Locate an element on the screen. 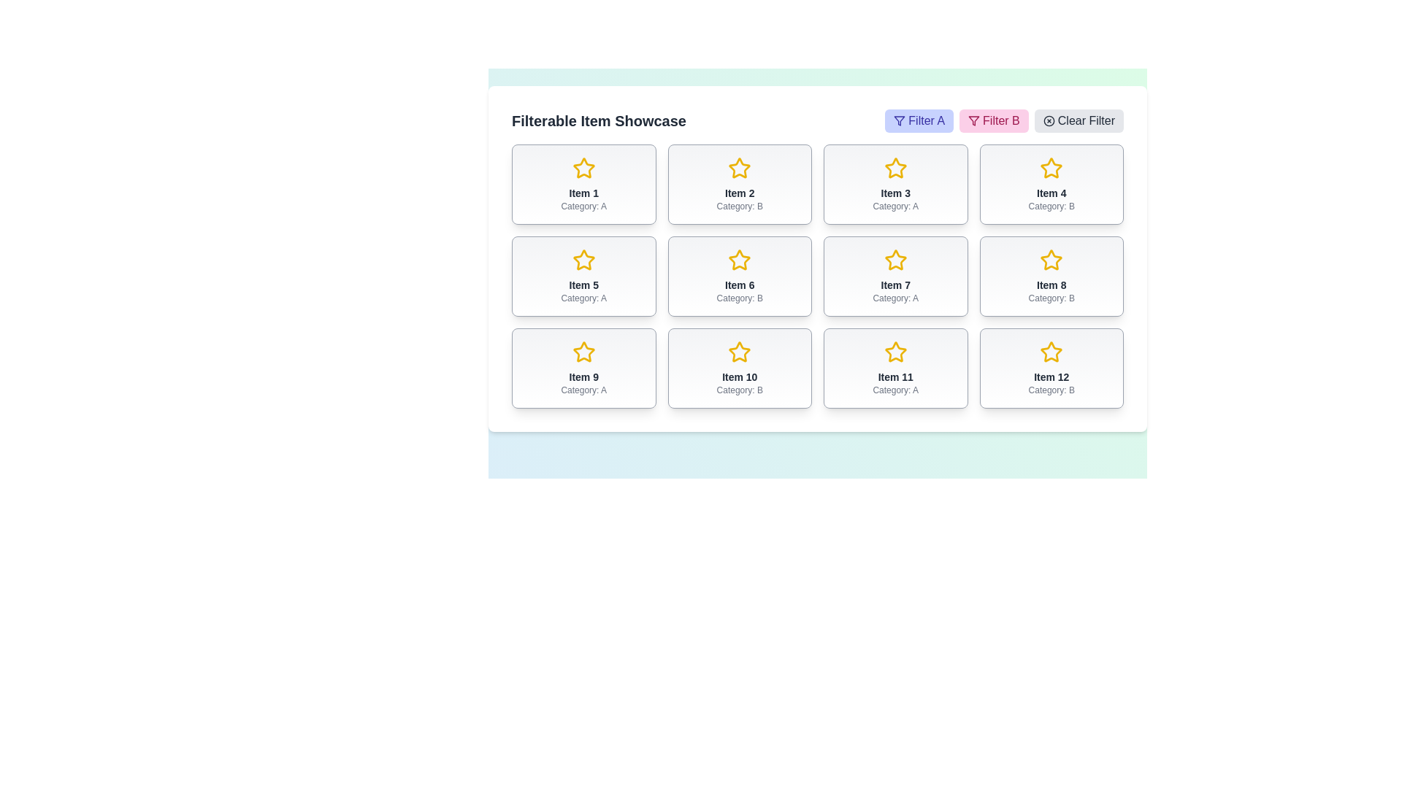 This screenshot has width=1402, height=788. the Card component featuring a yellow star icon and the text 'Item 5' in bold, located in the second row of the grid is located at coordinates (583, 276).